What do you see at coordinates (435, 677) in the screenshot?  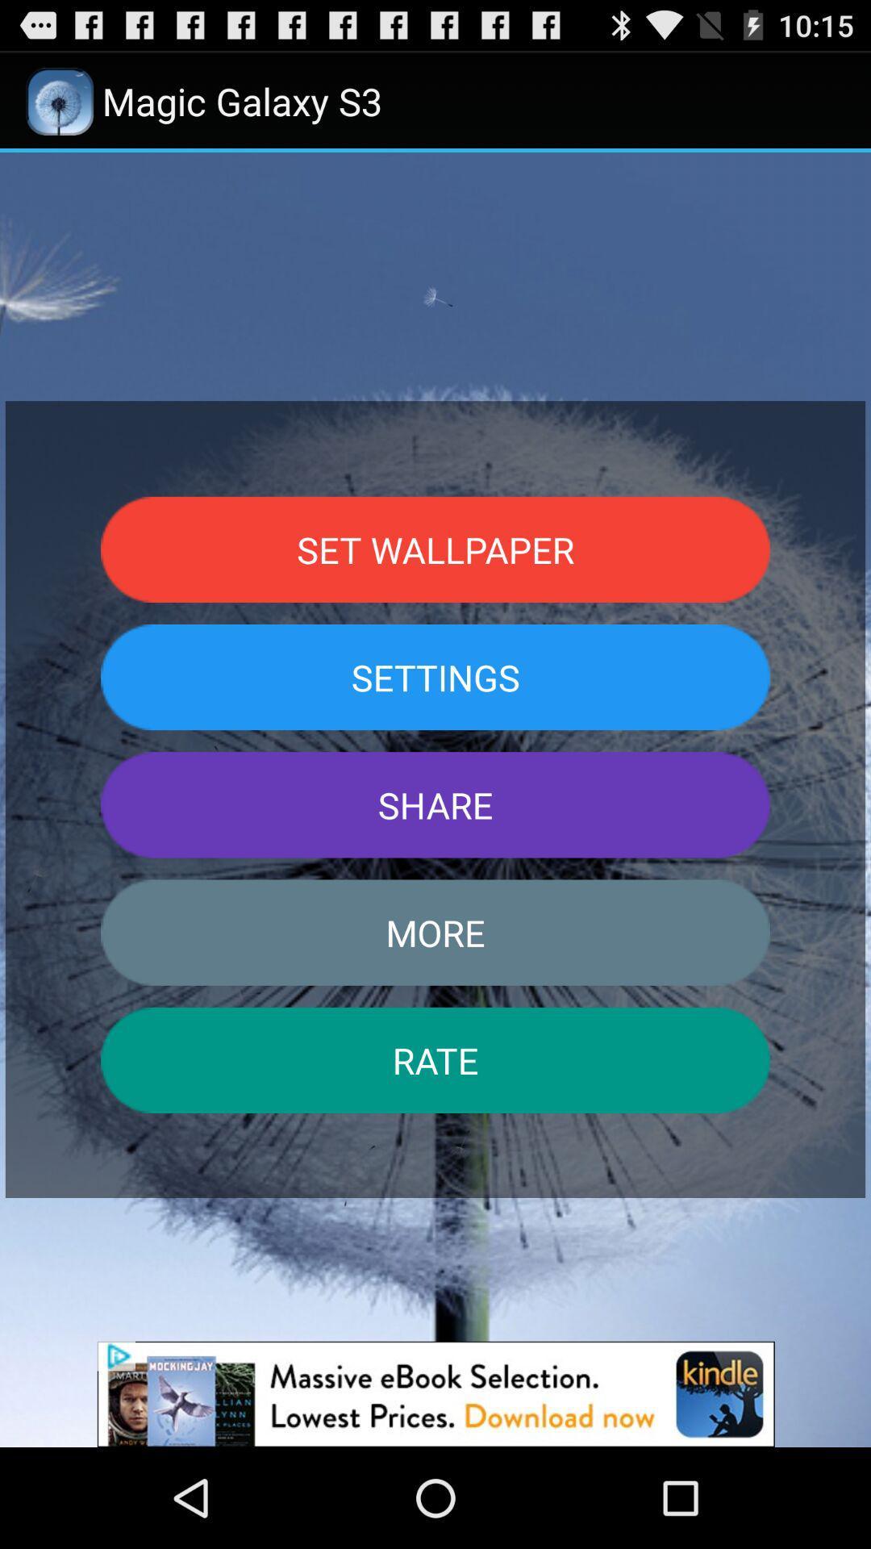 I see `button above share` at bounding box center [435, 677].